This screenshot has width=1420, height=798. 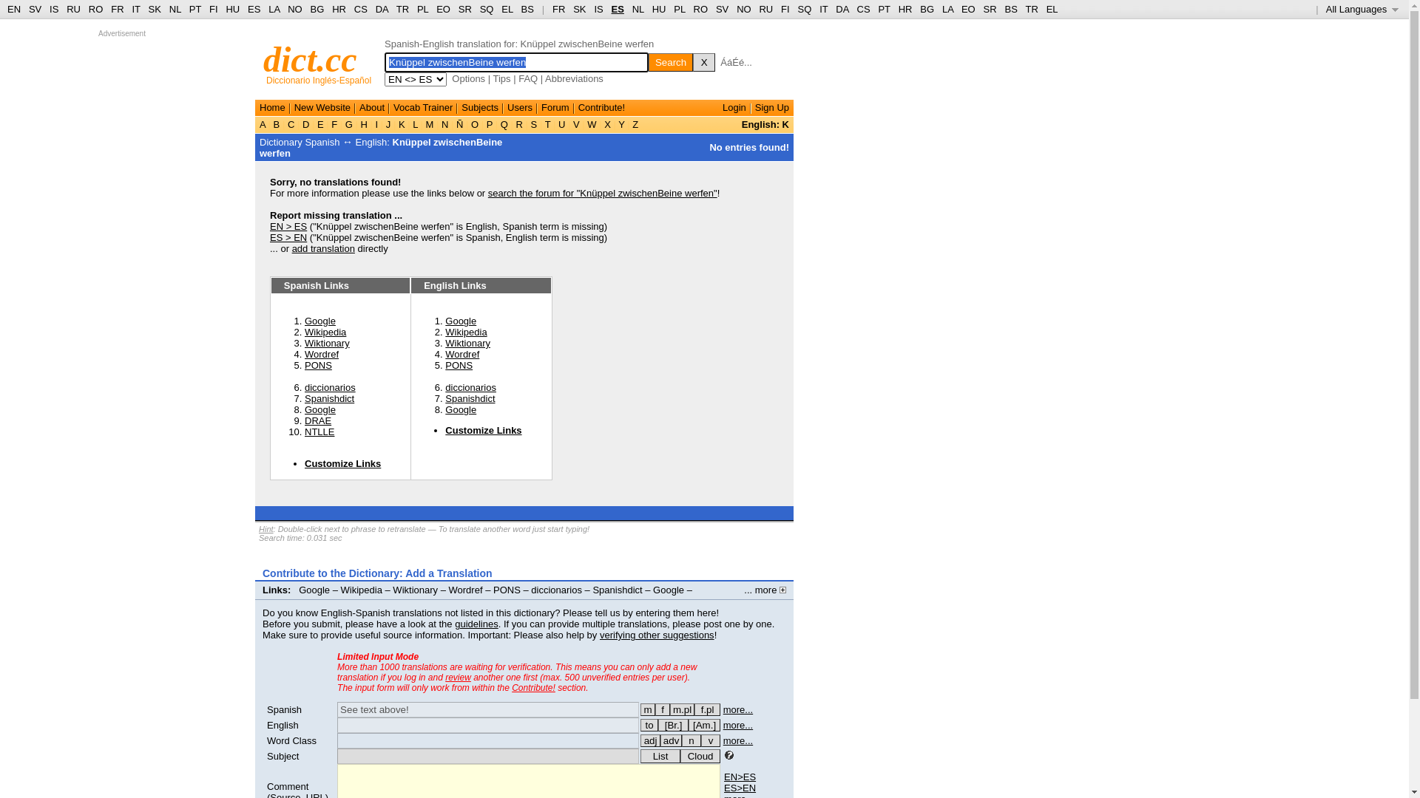 What do you see at coordinates (547, 123) in the screenshot?
I see `'T'` at bounding box center [547, 123].